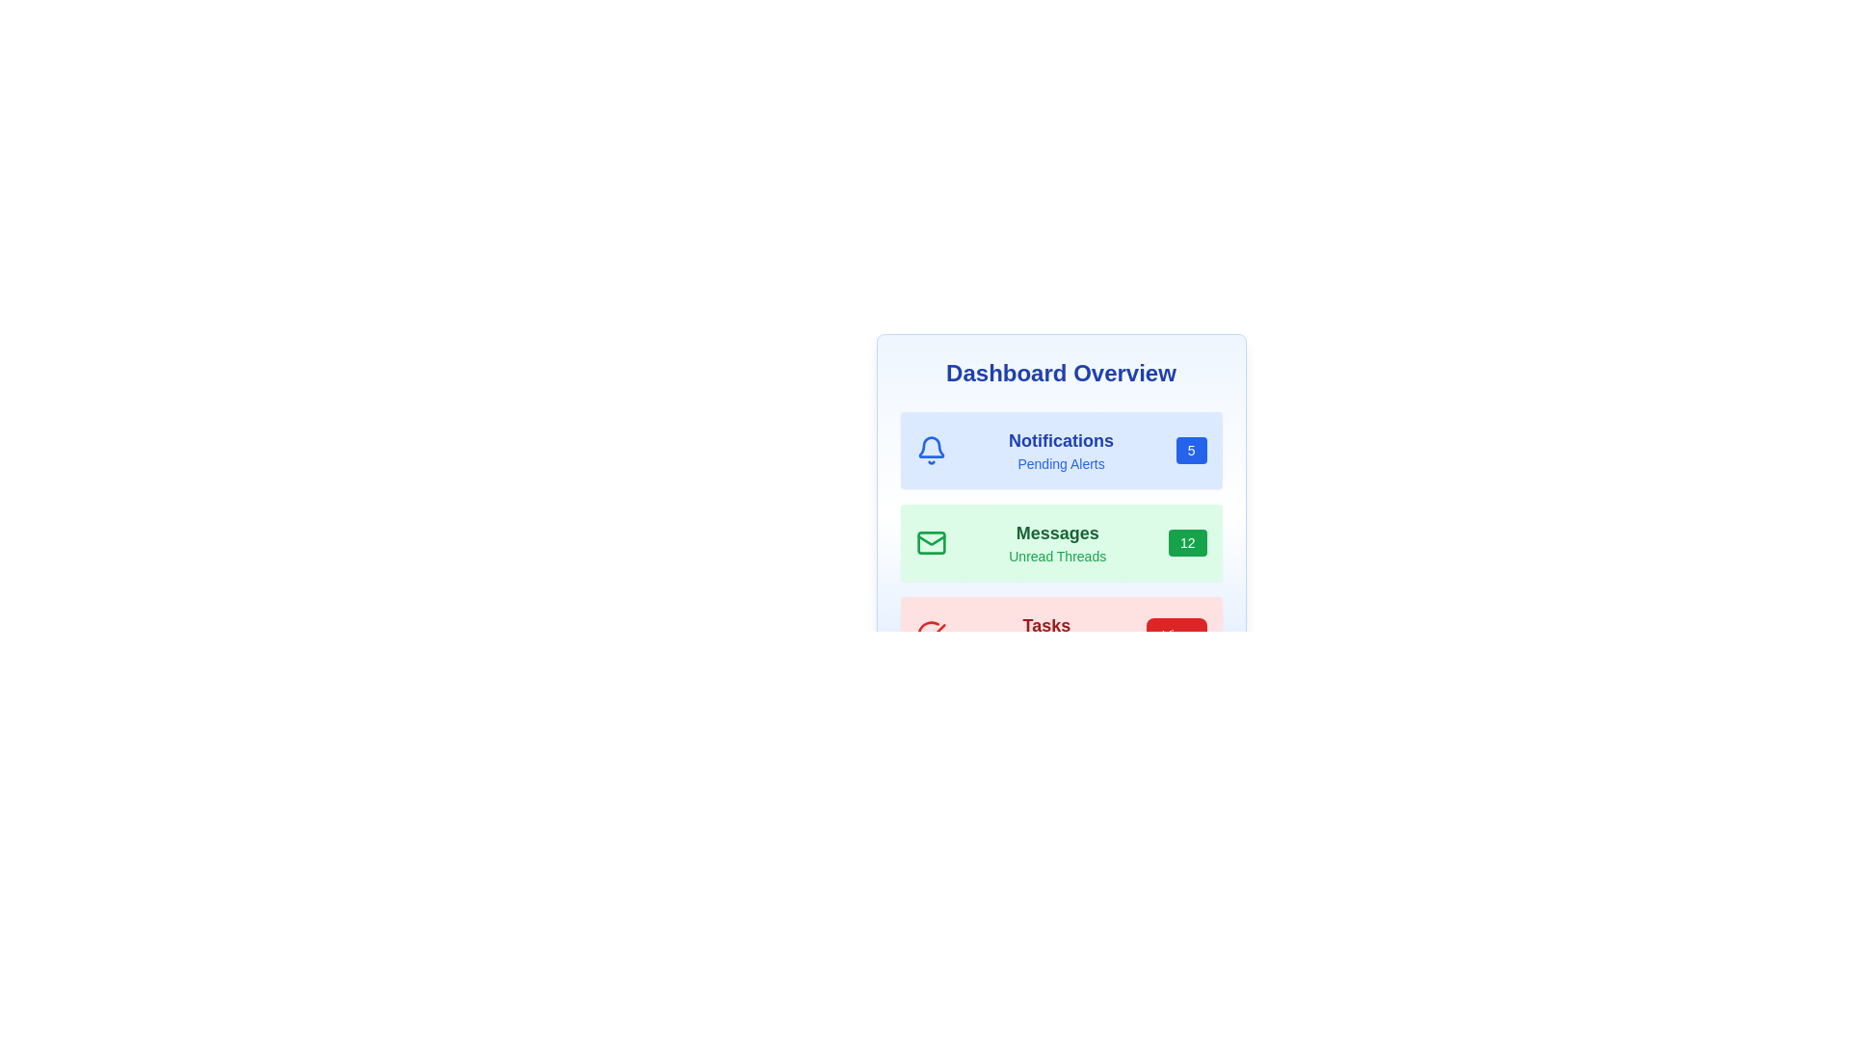 This screenshot has height=1040, width=1850. What do you see at coordinates (1056, 557) in the screenshot?
I see `text from the green label that says 'Unread Threads' located underneath the 'Messages' label` at bounding box center [1056, 557].